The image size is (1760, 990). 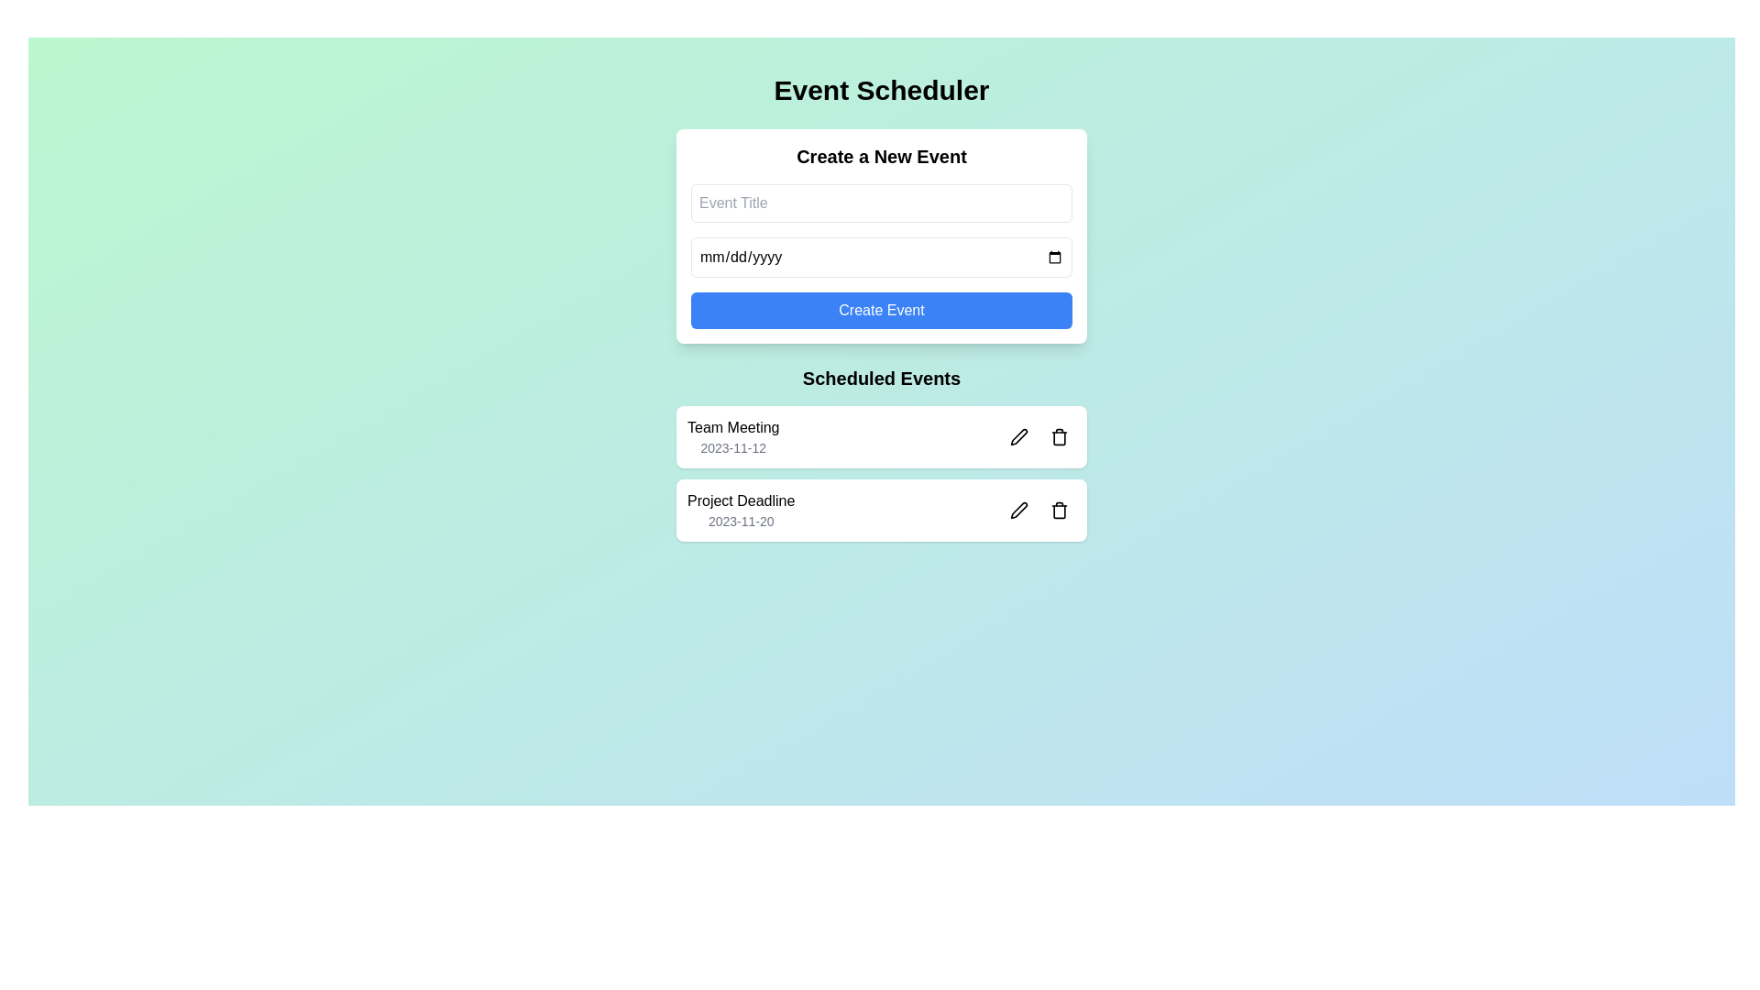 I want to click on the Date input field located in the 'Create a New Event' box to focus on it, so click(x=881, y=258).